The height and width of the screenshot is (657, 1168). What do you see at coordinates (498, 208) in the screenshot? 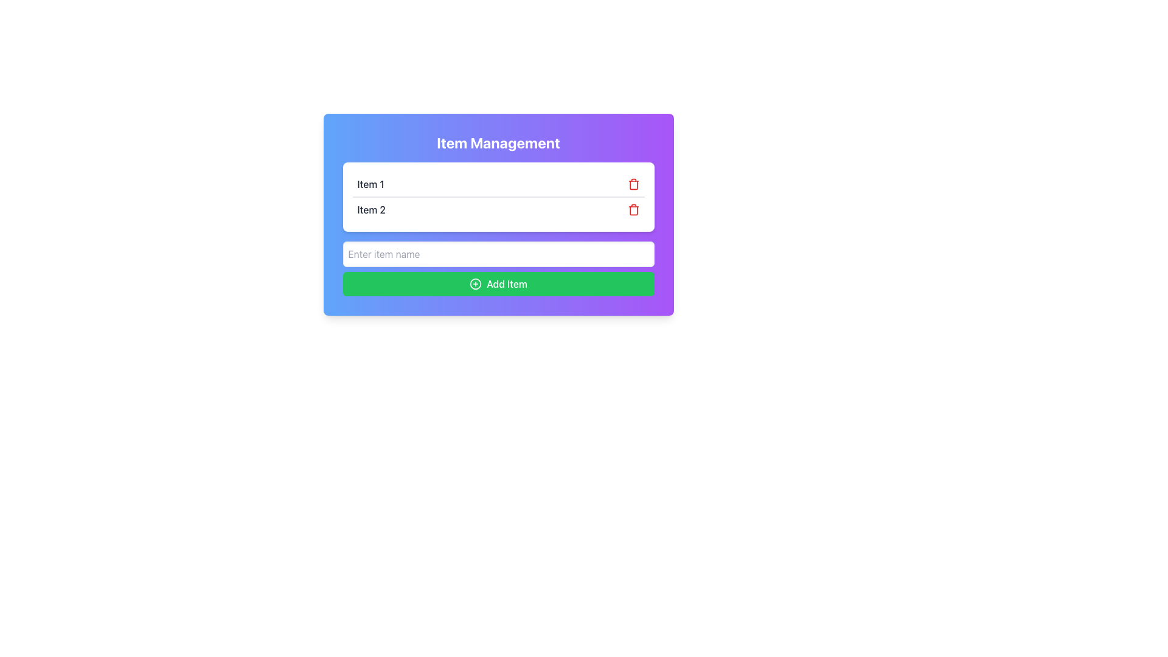
I see `the list item displaying the text 'Item 2' for interaction` at bounding box center [498, 208].